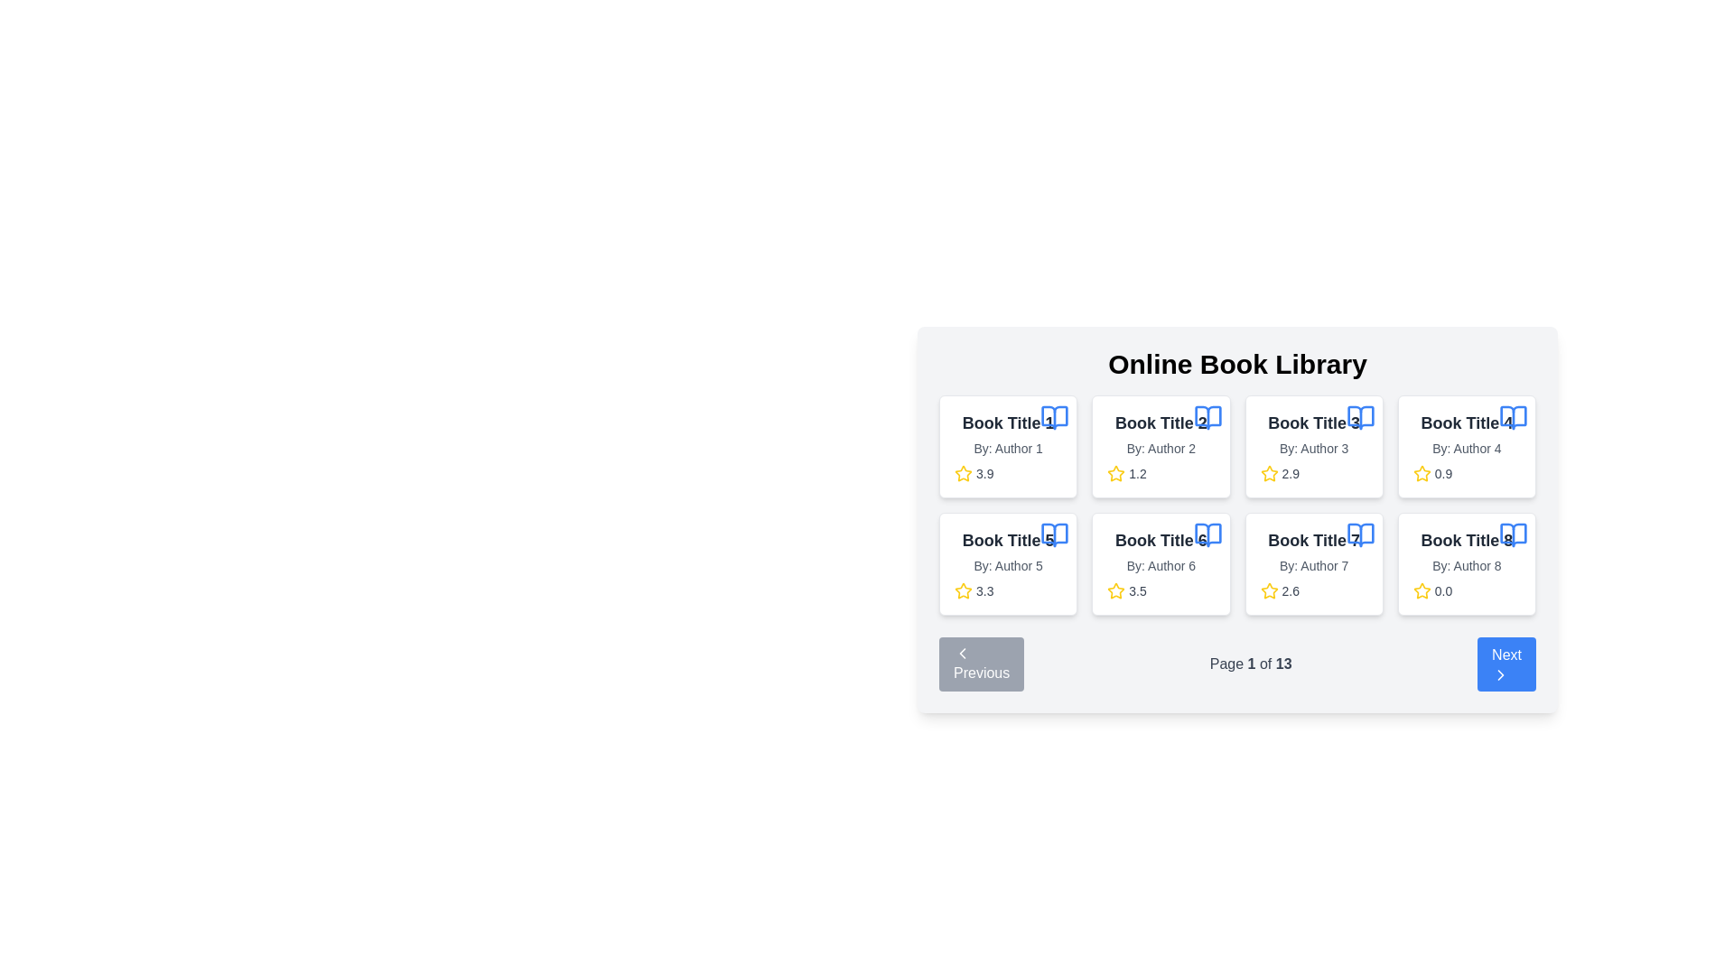  Describe the element at coordinates (1467, 565) in the screenshot. I see `the text label displaying the author's name for the book in the rightmost card of the grid, located below 'Book Title 8' and above the rating information '0.0'` at that location.